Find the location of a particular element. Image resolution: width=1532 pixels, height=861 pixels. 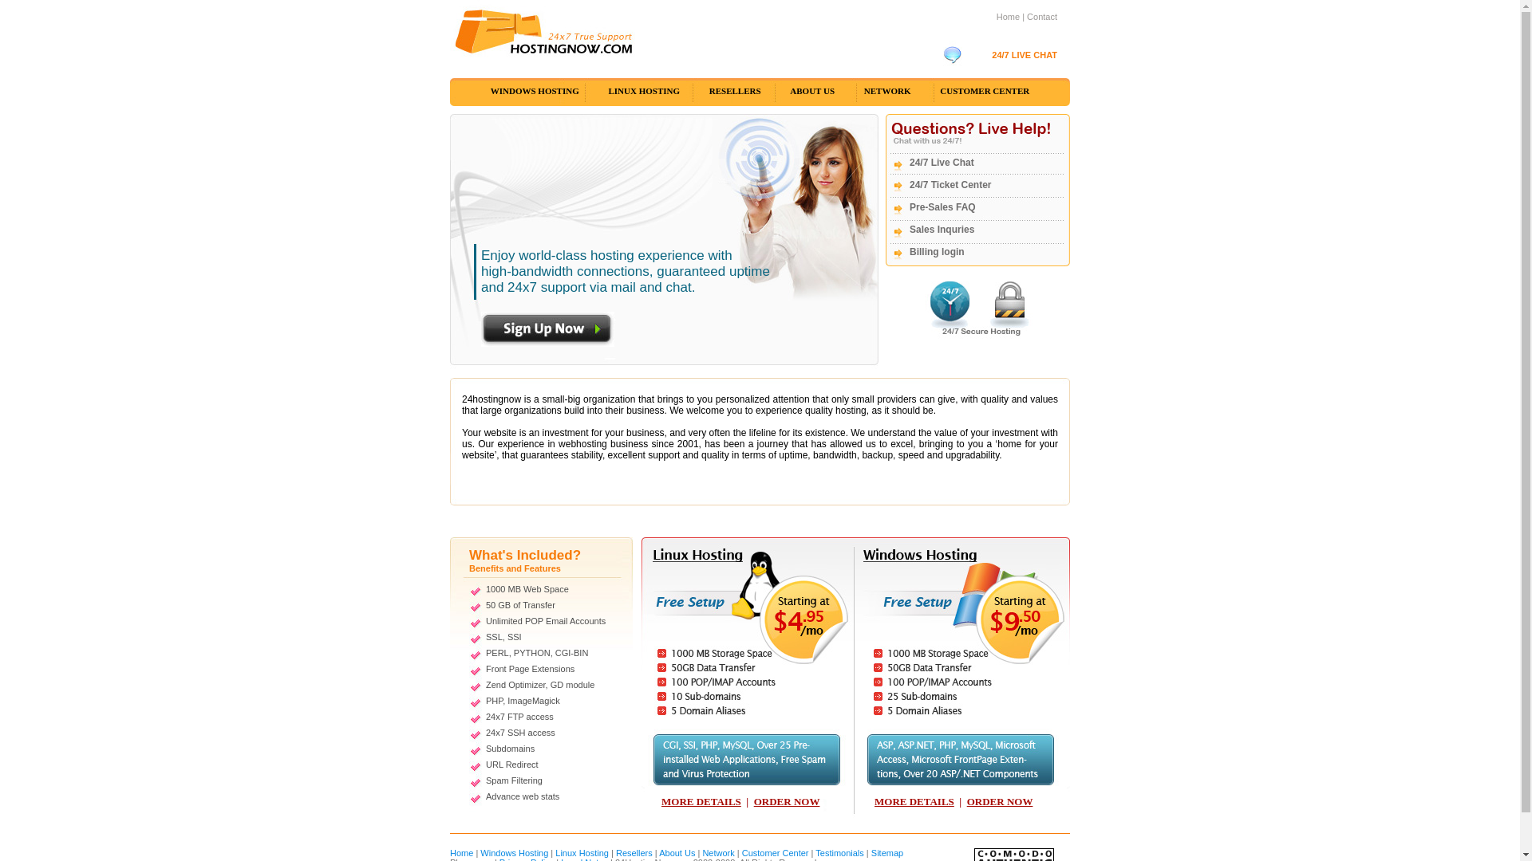

'Resellers' is located at coordinates (634, 851).